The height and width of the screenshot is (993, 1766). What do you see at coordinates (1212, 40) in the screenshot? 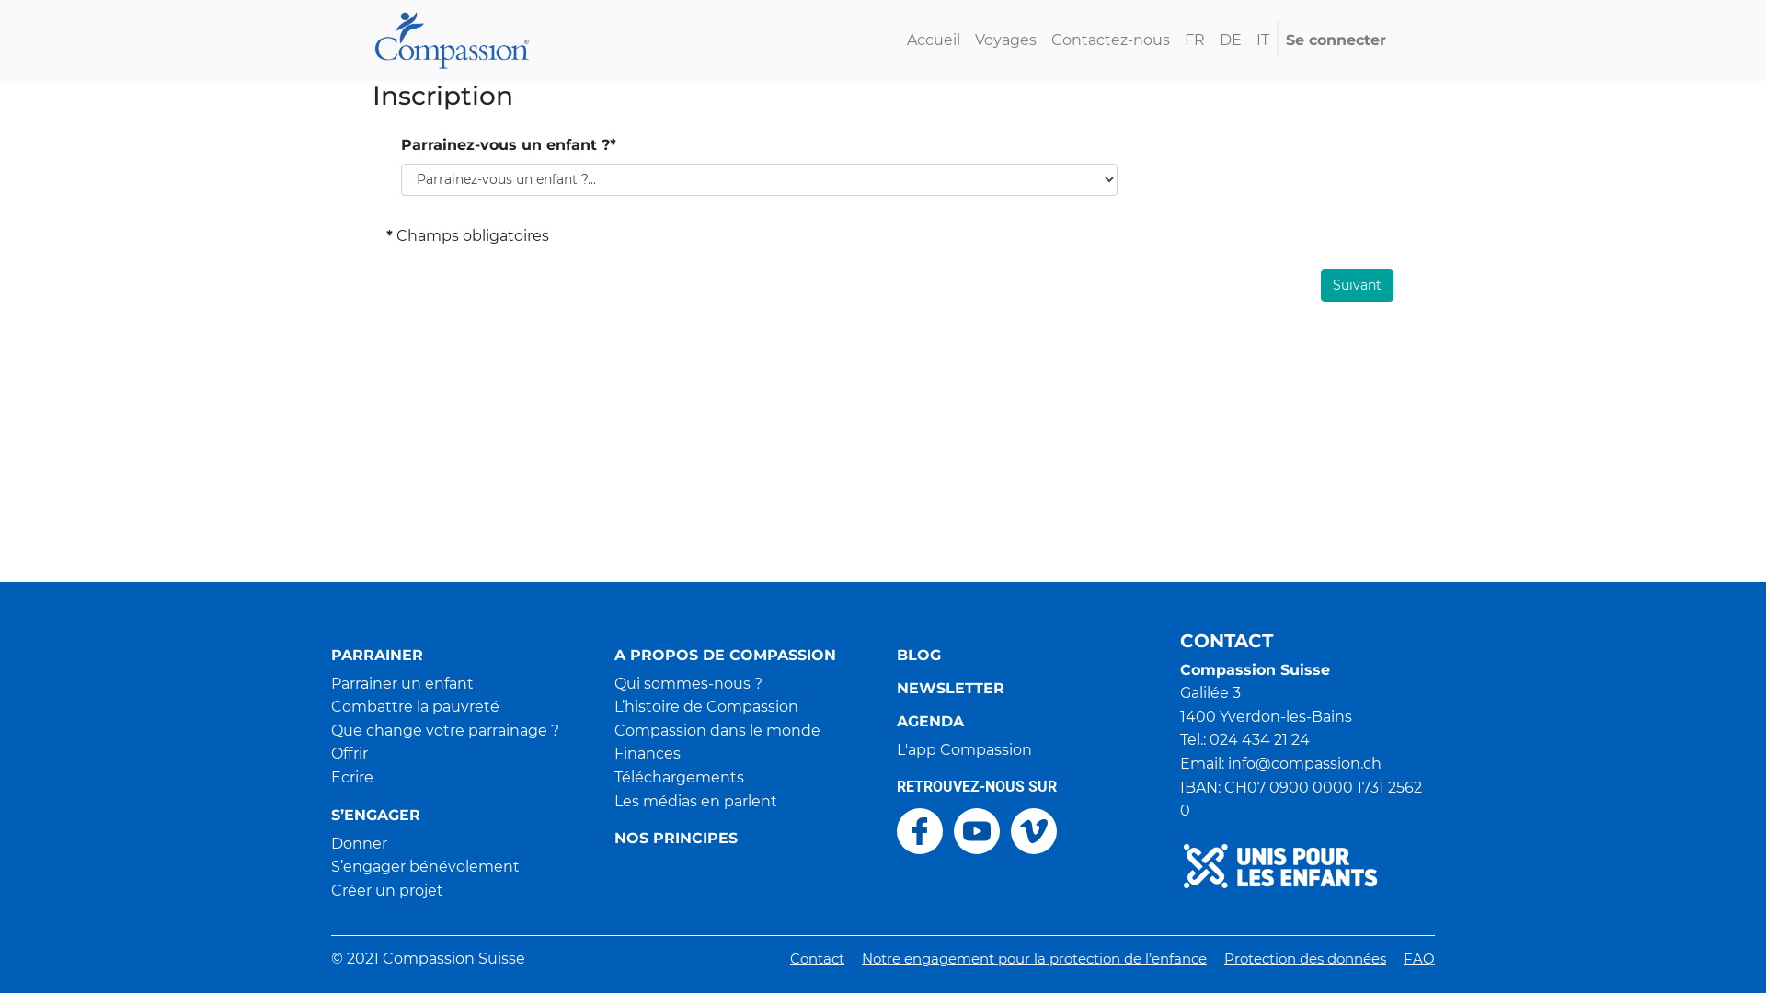
I see `'DE'` at bounding box center [1212, 40].